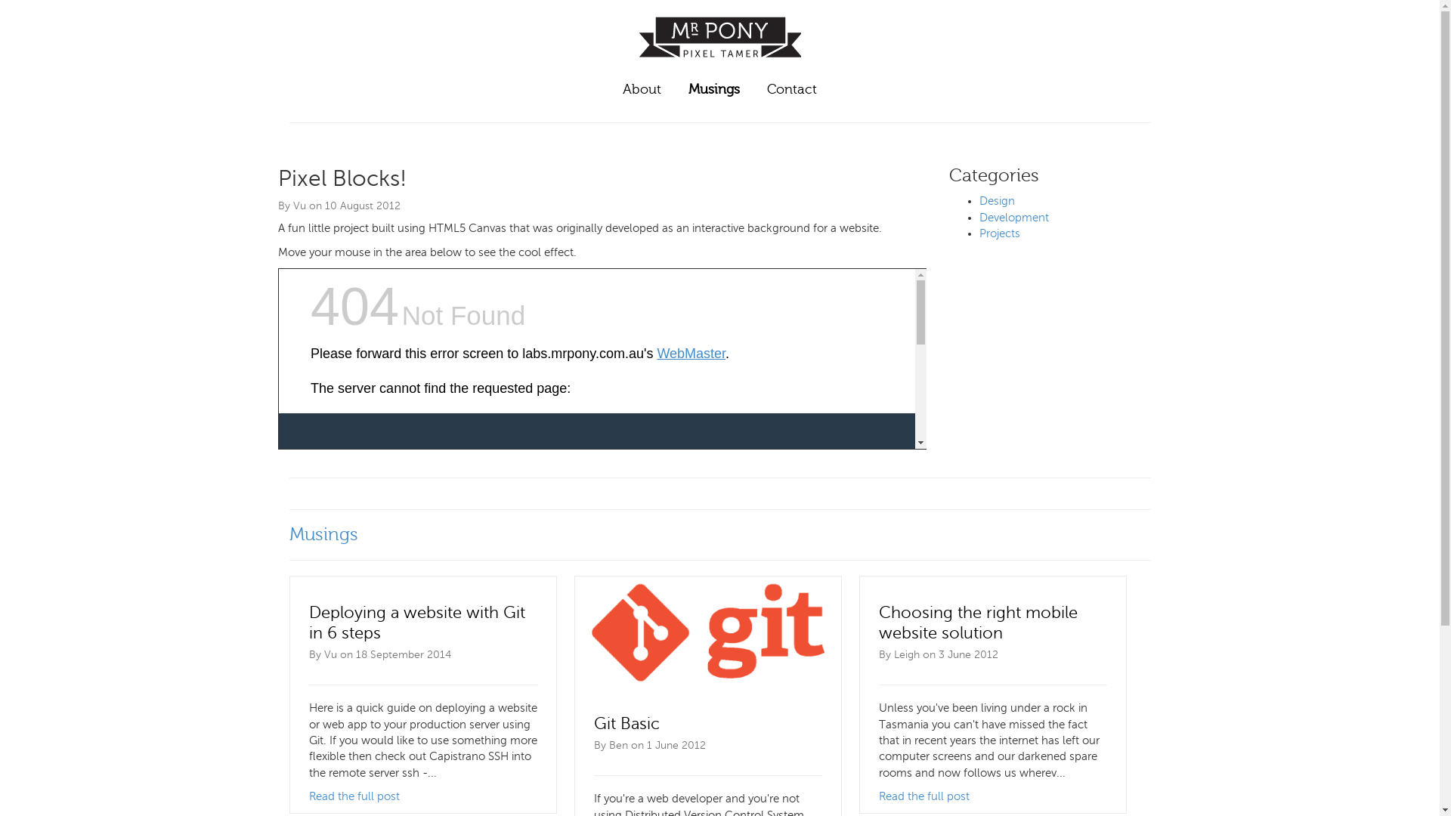 Image resolution: width=1451 pixels, height=816 pixels. Describe the element at coordinates (1014, 218) in the screenshot. I see `'Development'` at that location.